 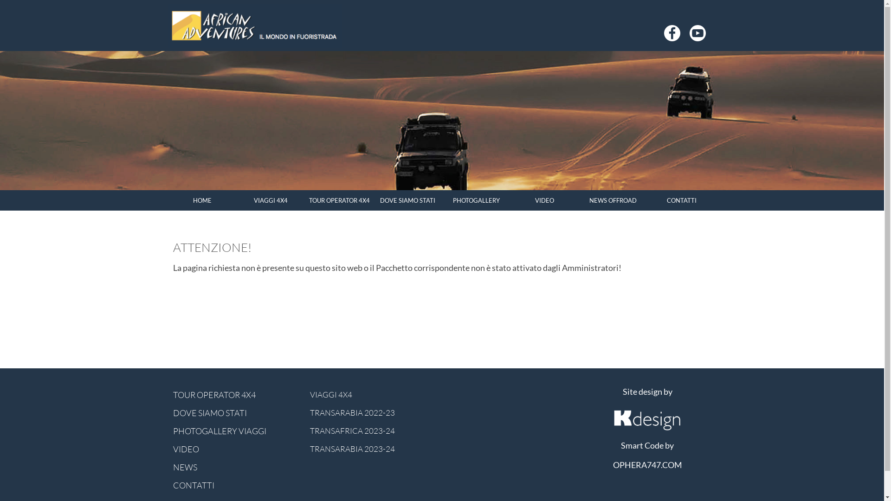 What do you see at coordinates (310, 449) in the screenshot?
I see `'TRANSARABIA 2023-24'` at bounding box center [310, 449].